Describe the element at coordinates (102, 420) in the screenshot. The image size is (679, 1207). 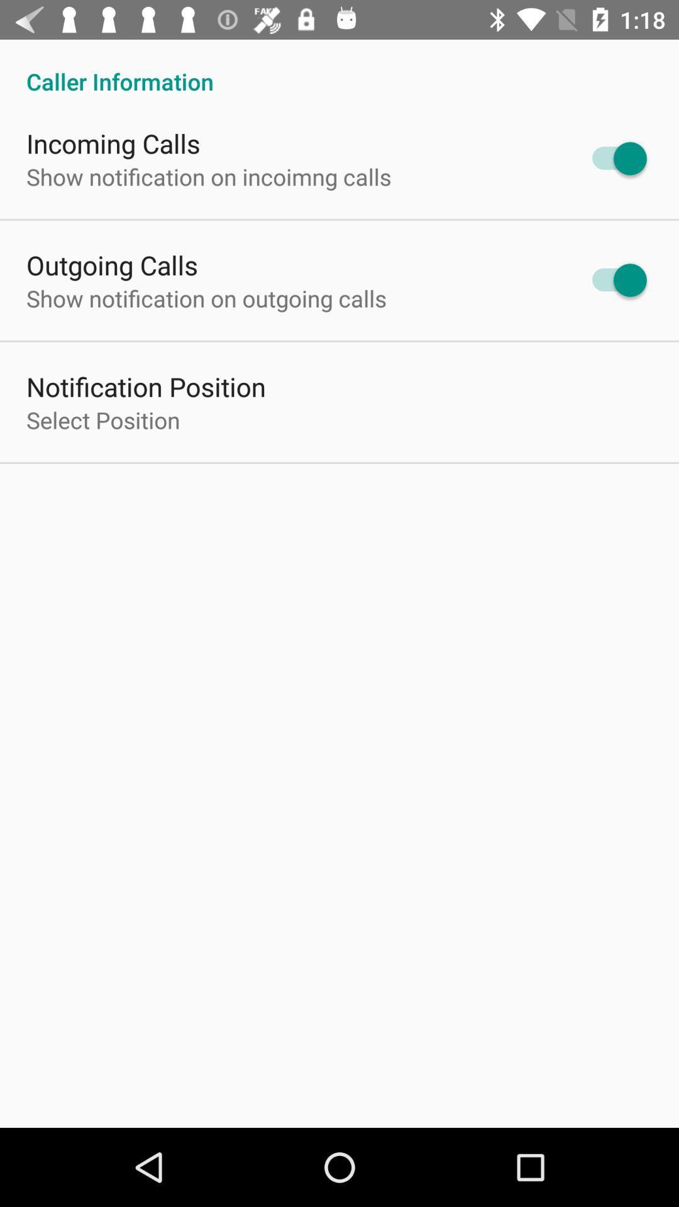
I see `the item below the notification position icon` at that location.